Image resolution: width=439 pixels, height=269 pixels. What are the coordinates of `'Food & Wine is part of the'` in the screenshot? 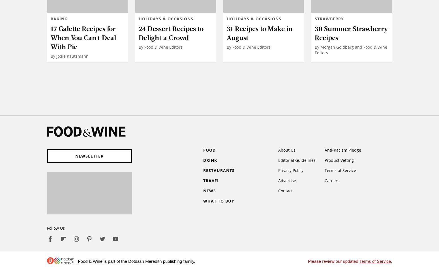 It's located at (103, 261).